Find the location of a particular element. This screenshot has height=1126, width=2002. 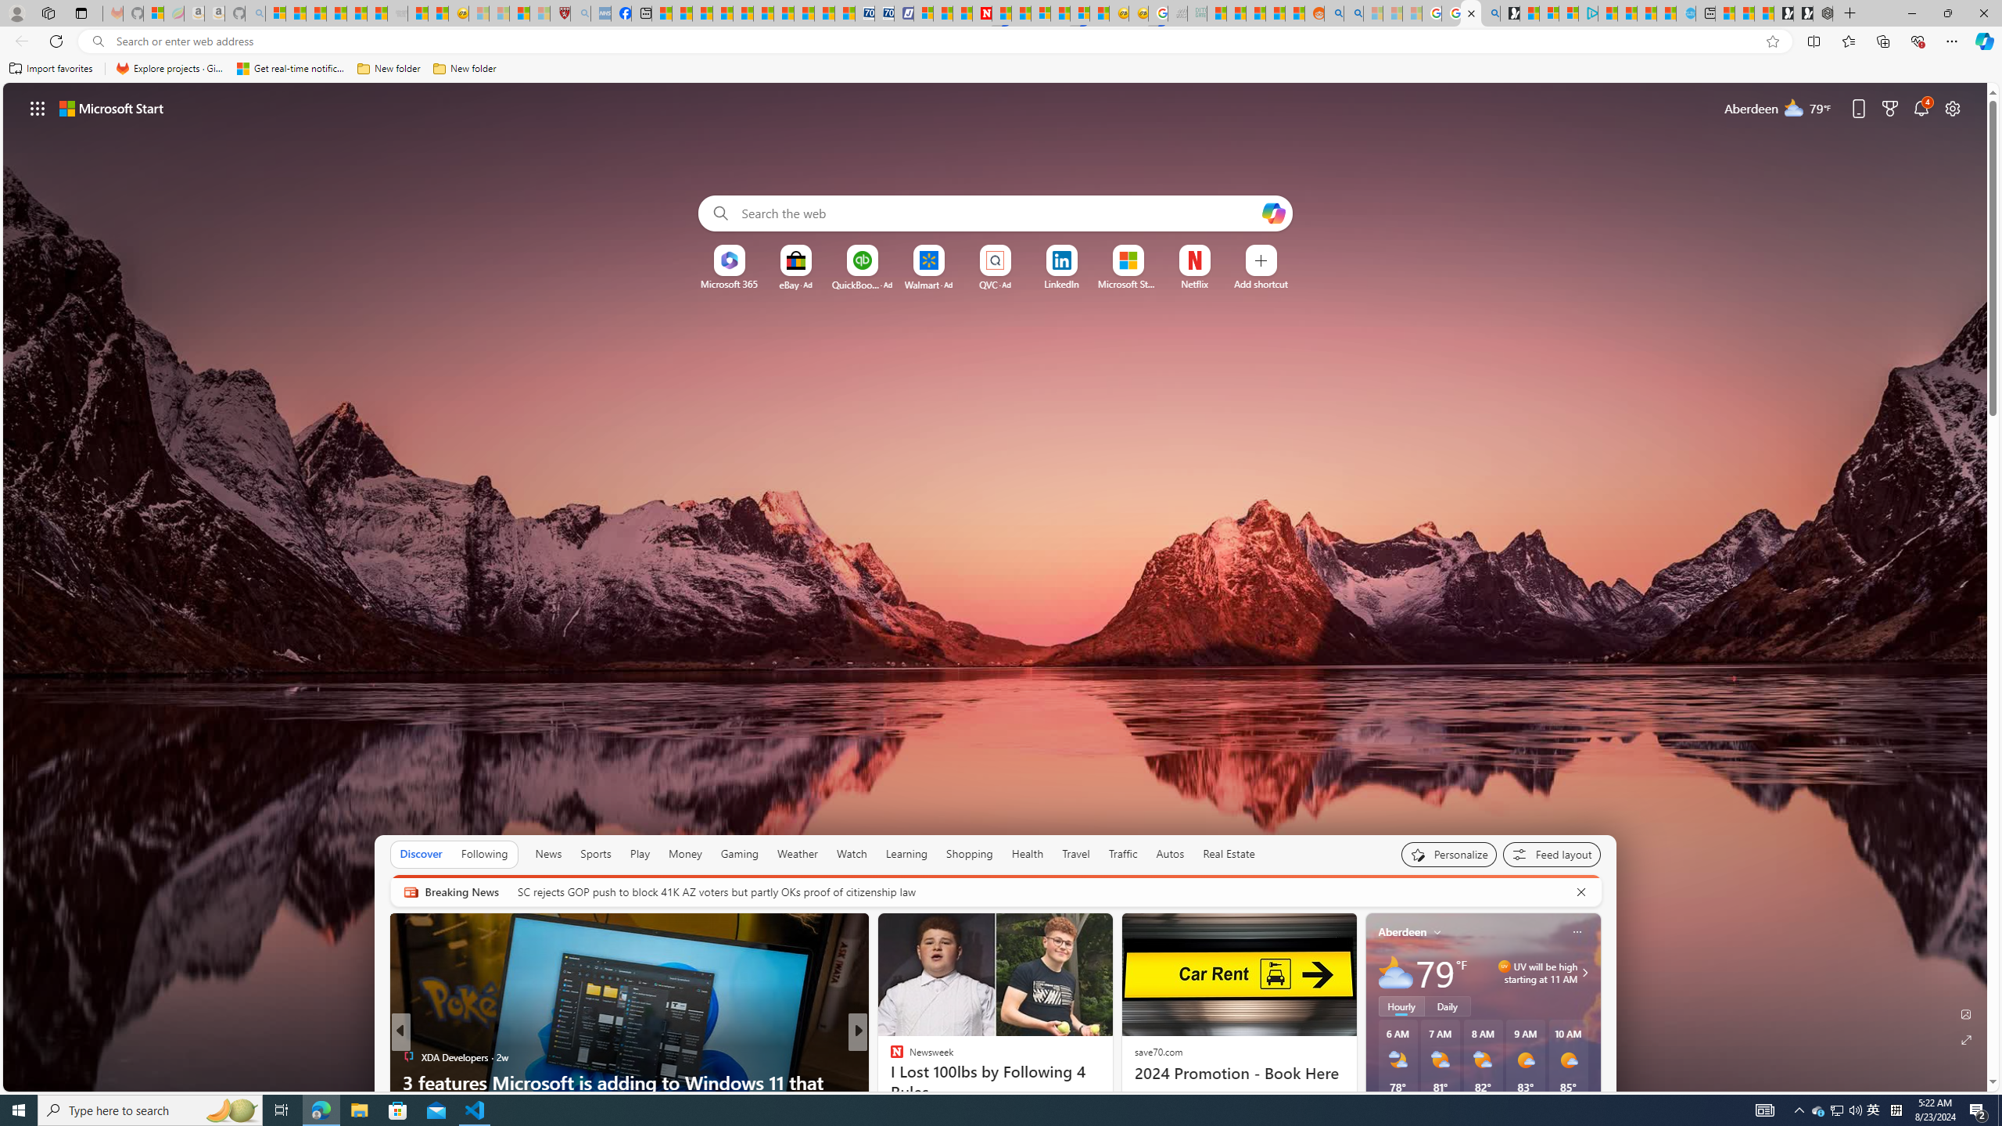

'Mostly cloudy' is located at coordinates (1395, 973).